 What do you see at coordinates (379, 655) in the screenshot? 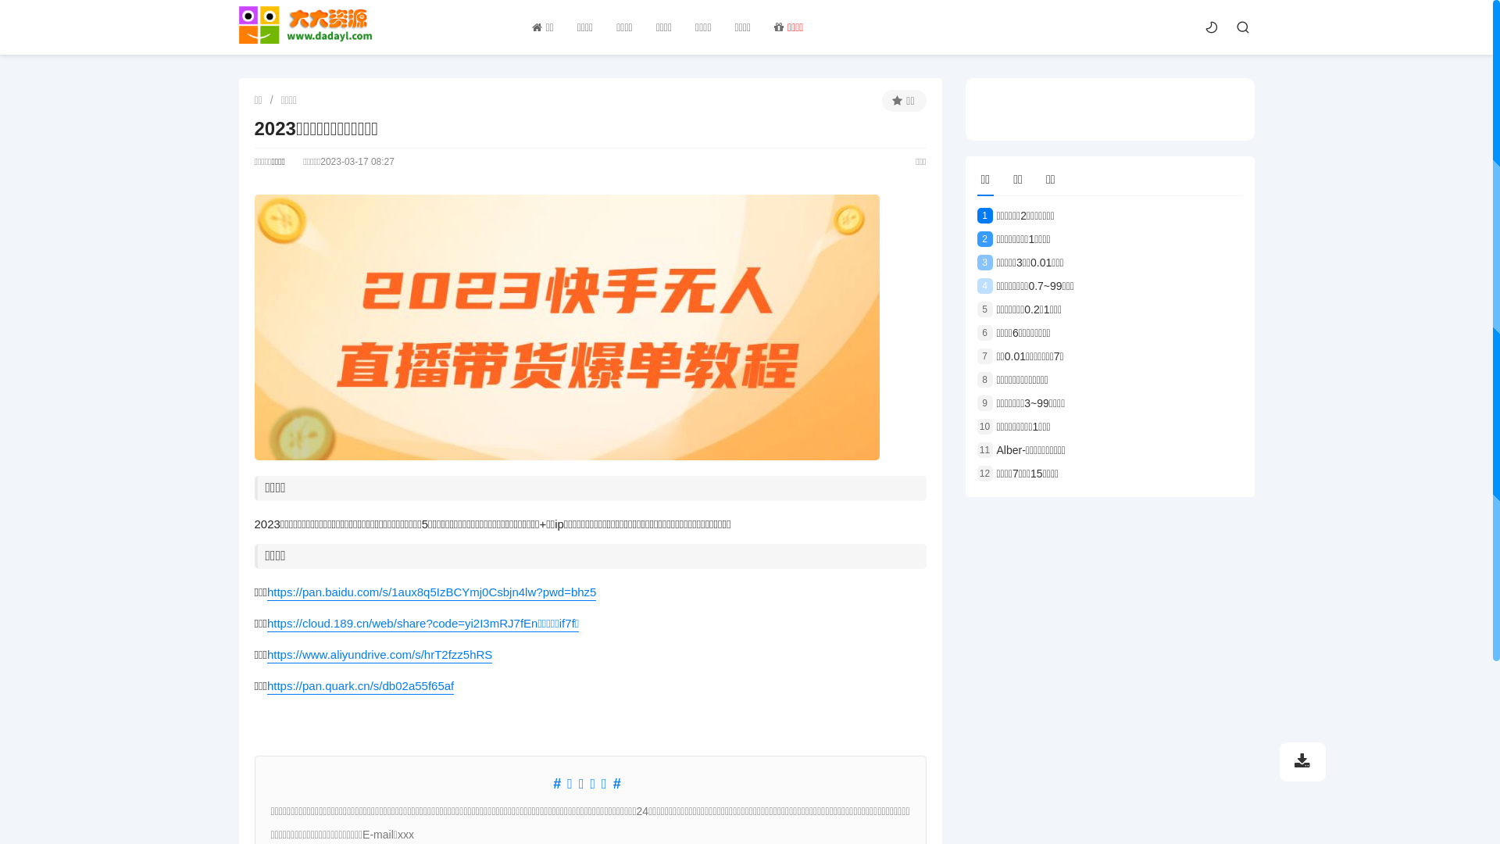
I see `'https://www.aliyundrive.com/s/hrT2fzz5hRS'` at bounding box center [379, 655].